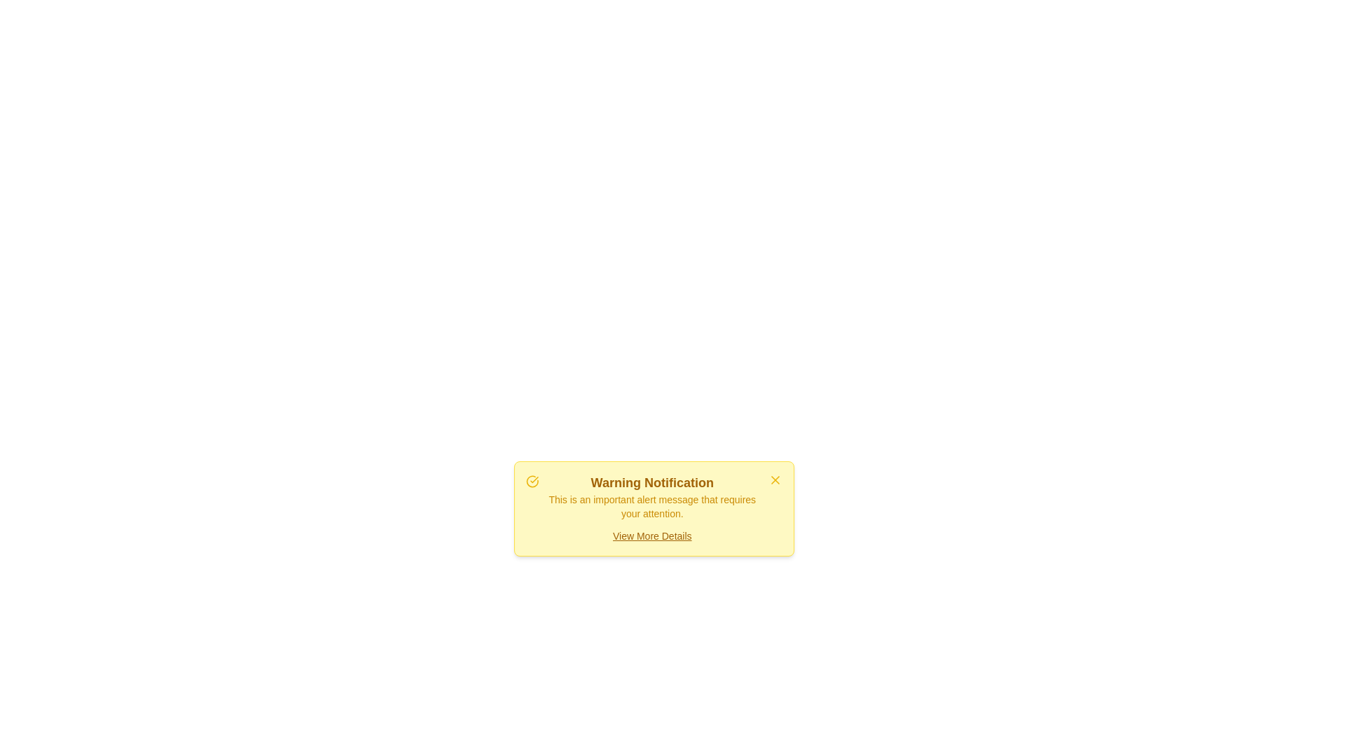 The width and height of the screenshot is (1345, 756). What do you see at coordinates (775, 479) in the screenshot?
I see `the close button to dismiss the alert` at bounding box center [775, 479].